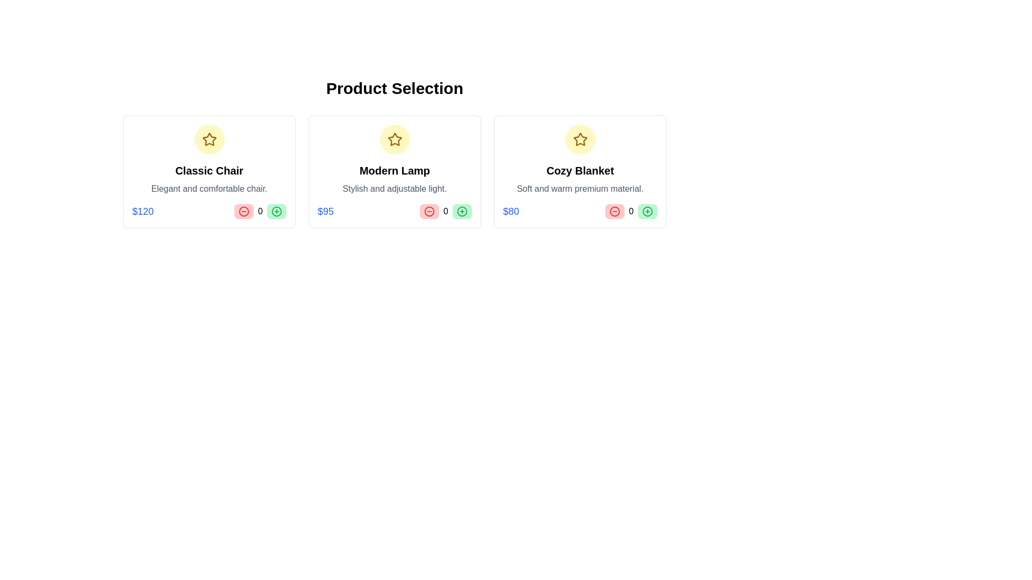 The image size is (1032, 580). What do you see at coordinates (209, 171) in the screenshot?
I see `product name and description from the Classic Chair product card, which is the first card in a row of three within the grid layout` at bounding box center [209, 171].